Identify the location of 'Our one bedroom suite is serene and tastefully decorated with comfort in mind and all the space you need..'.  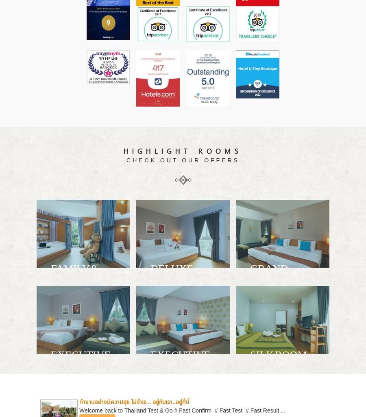
(281, 384).